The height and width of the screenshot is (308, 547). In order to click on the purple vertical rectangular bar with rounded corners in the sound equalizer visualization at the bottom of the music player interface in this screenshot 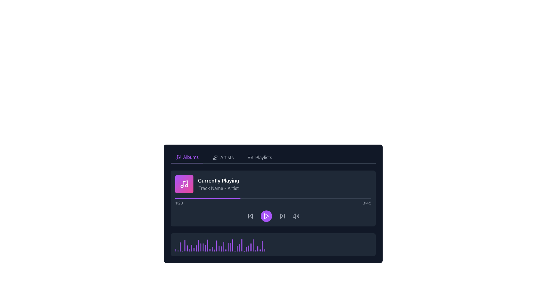, I will do `click(242, 245)`.